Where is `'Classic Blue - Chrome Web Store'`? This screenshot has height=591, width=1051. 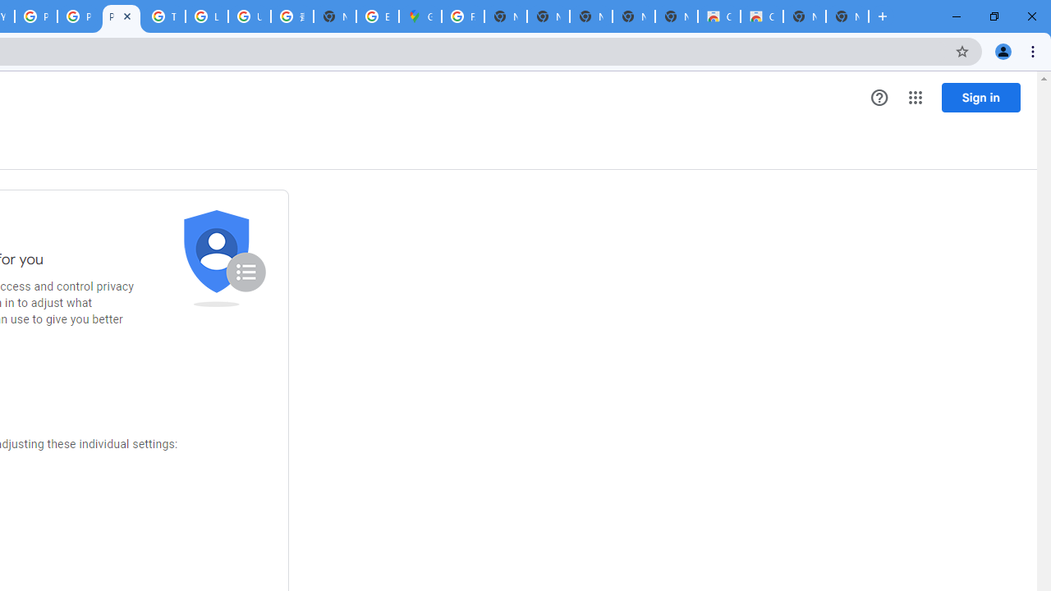 'Classic Blue - Chrome Web Store' is located at coordinates (719, 16).